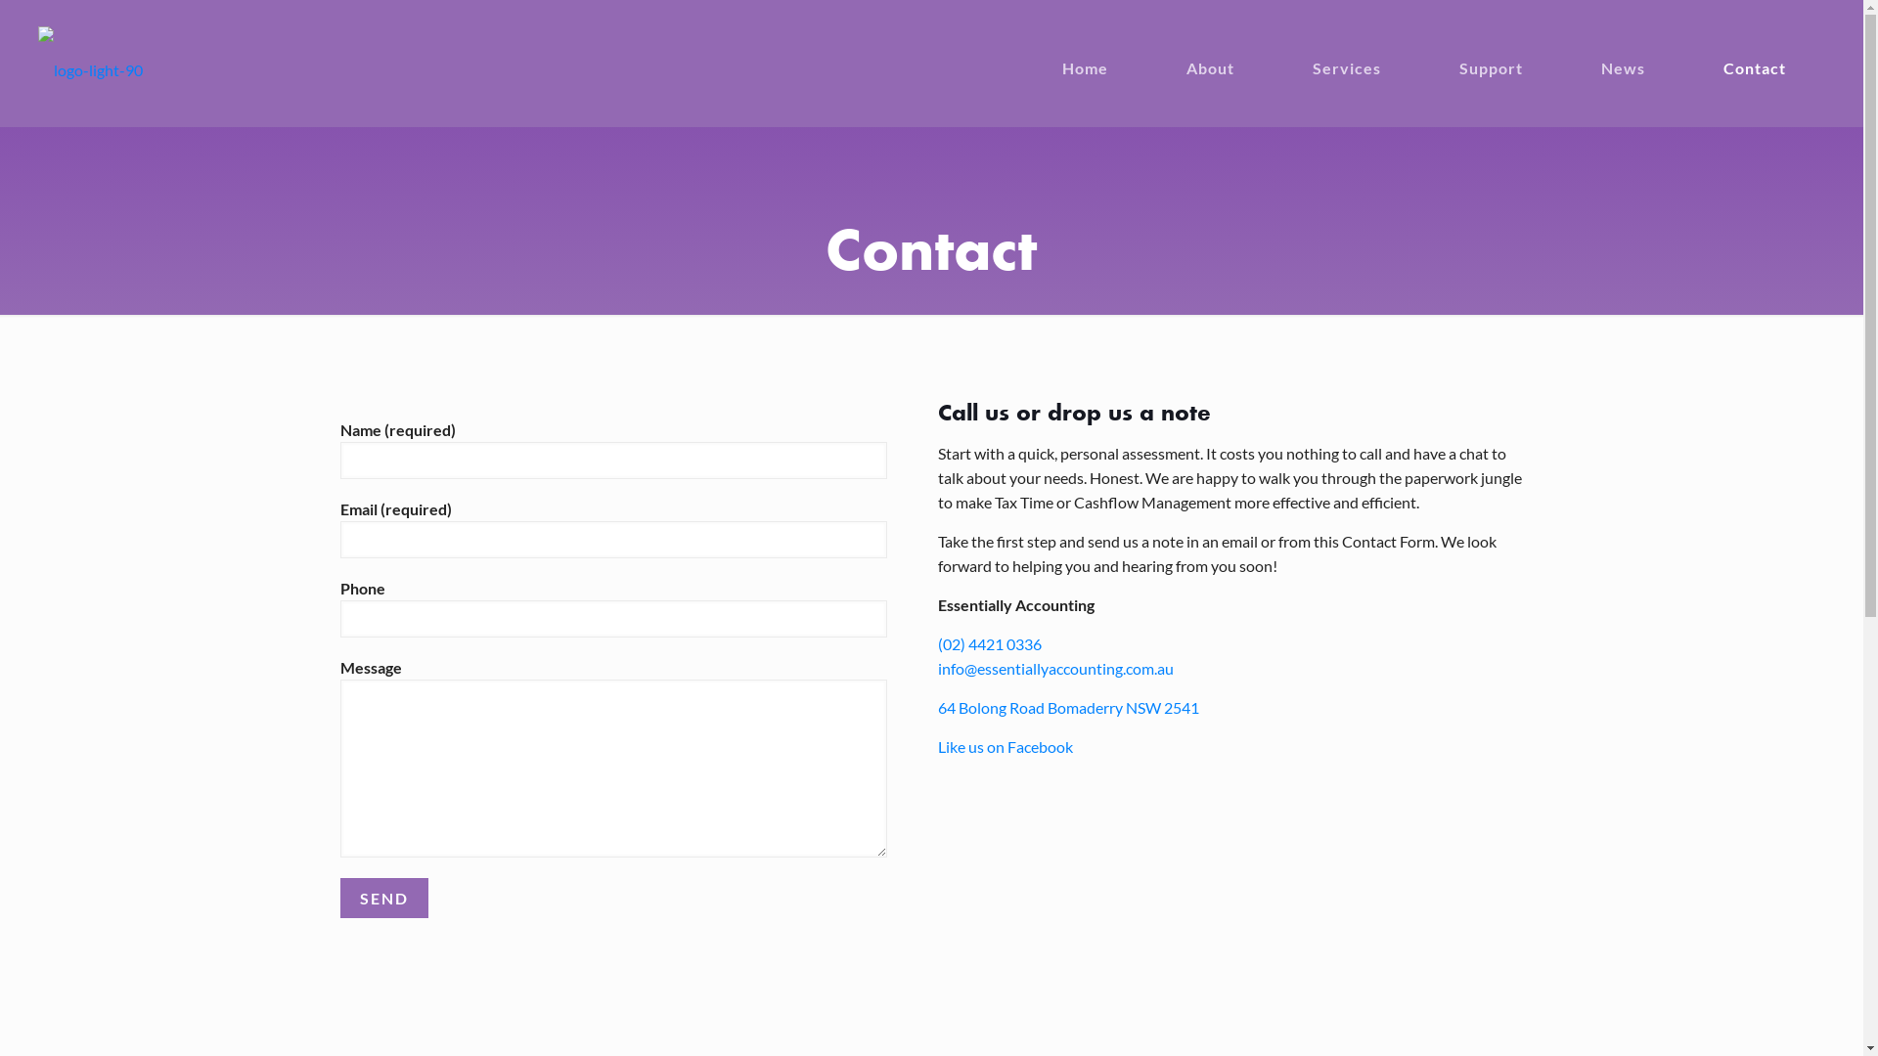 The height and width of the screenshot is (1056, 1878). What do you see at coordinates (1067, 707) in the screenshot?
I see `'64 Bolong Road Bomaderry NSW 2541'` at bounding box center [1067, 707].